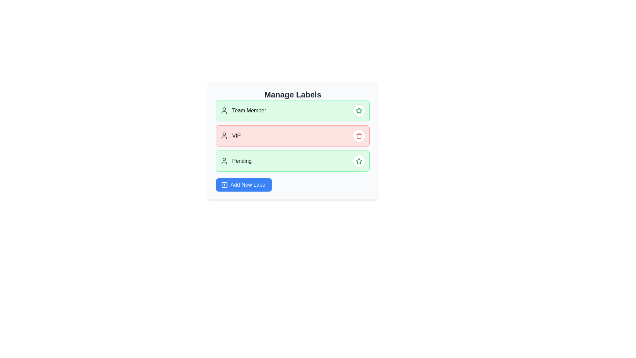  Describe the element at coordinates (359, 161) in the screenshot. I see `the marking icon located at the far right of the 'Team Member' row in the 'Manage Labels' dialog for reference` at that location.